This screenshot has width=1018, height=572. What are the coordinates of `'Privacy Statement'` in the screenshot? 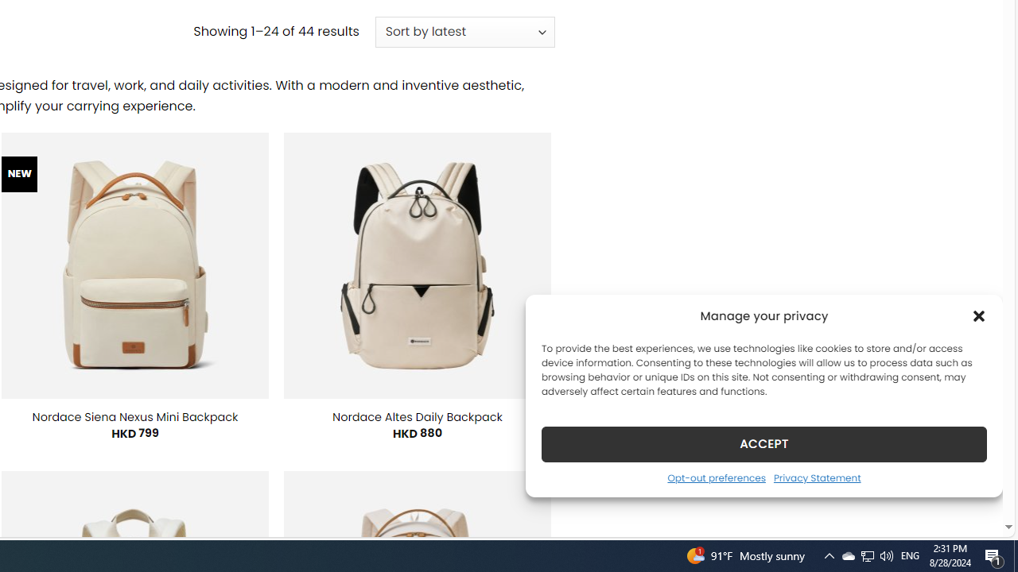 It's located at (817, 477).